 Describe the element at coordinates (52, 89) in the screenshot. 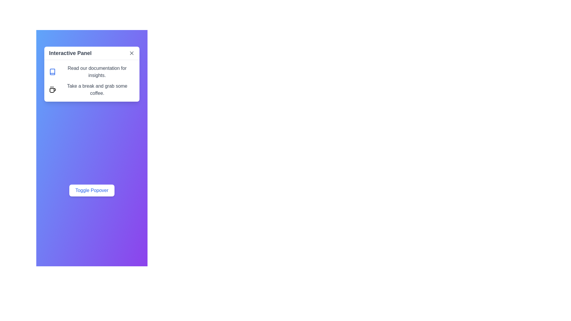

I see `the brown coffee icon located to the left of the text caption 'Take a break and grab some coffee.'` at that location.